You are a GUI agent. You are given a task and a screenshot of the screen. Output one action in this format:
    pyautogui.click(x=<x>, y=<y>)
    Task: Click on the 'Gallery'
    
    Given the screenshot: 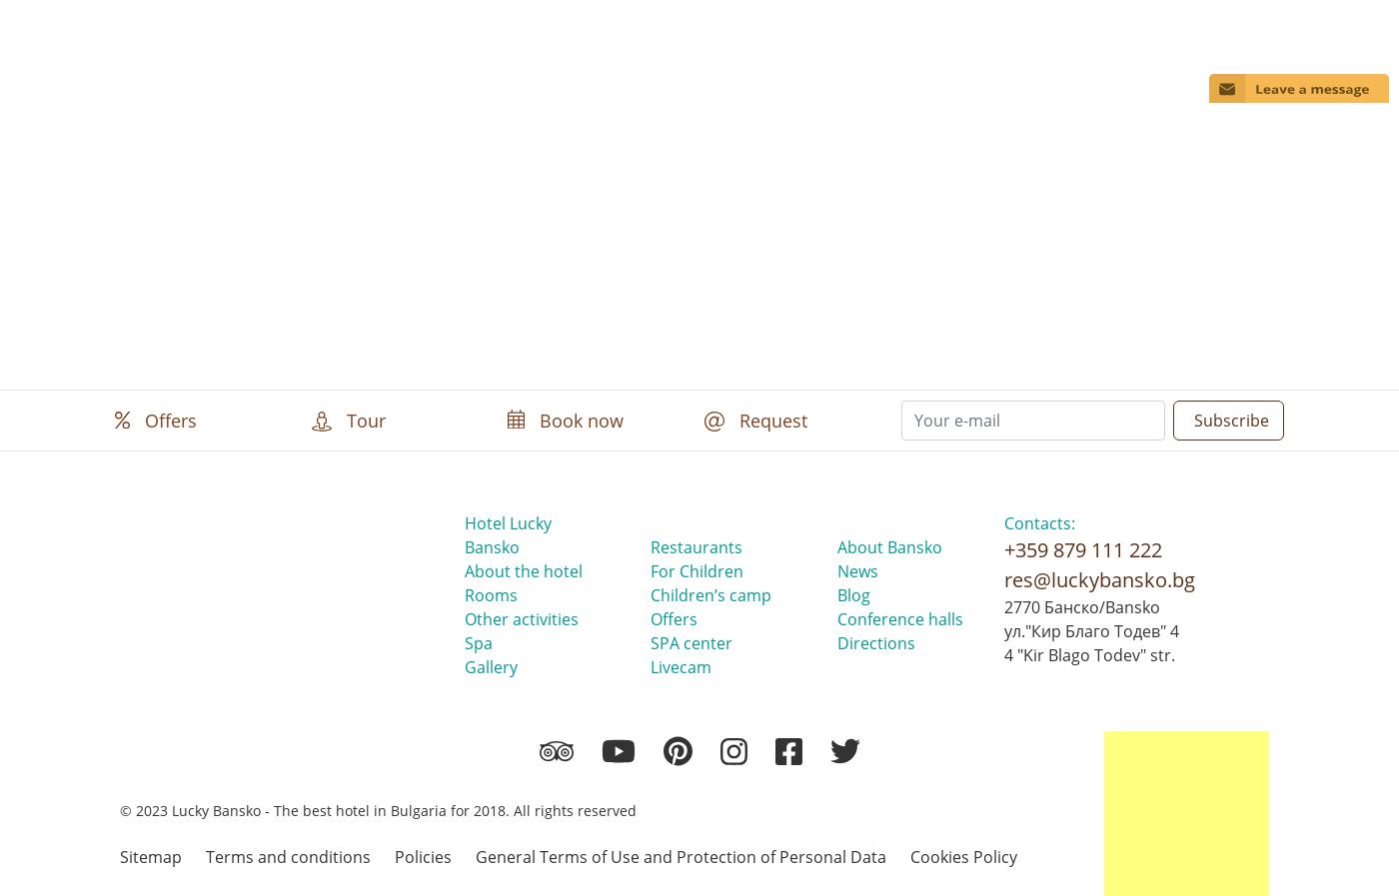 What is the action you would take?
    pyautogui.click(x=491, y=666)
    